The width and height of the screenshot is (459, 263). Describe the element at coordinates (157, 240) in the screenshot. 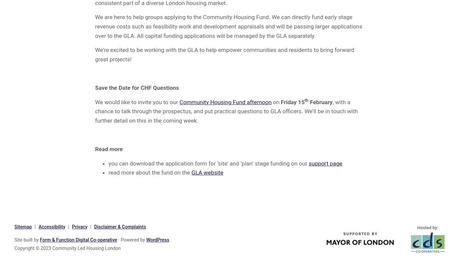

I see `'WordPress'` at that location.